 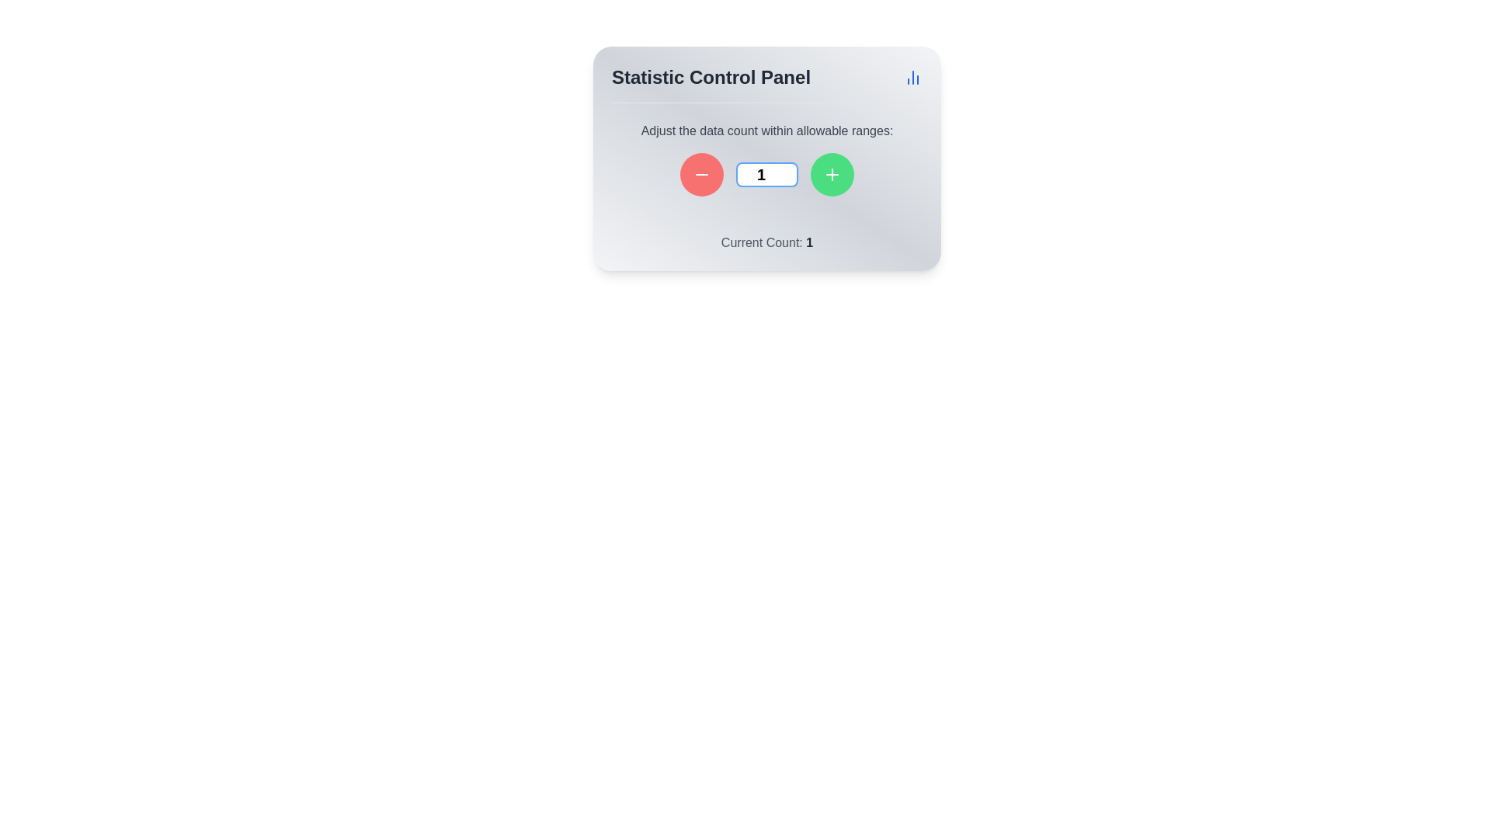 I want to click on the numeric input field with a light blue border and rounded corners to focus on it, so click(x=767, y=174).